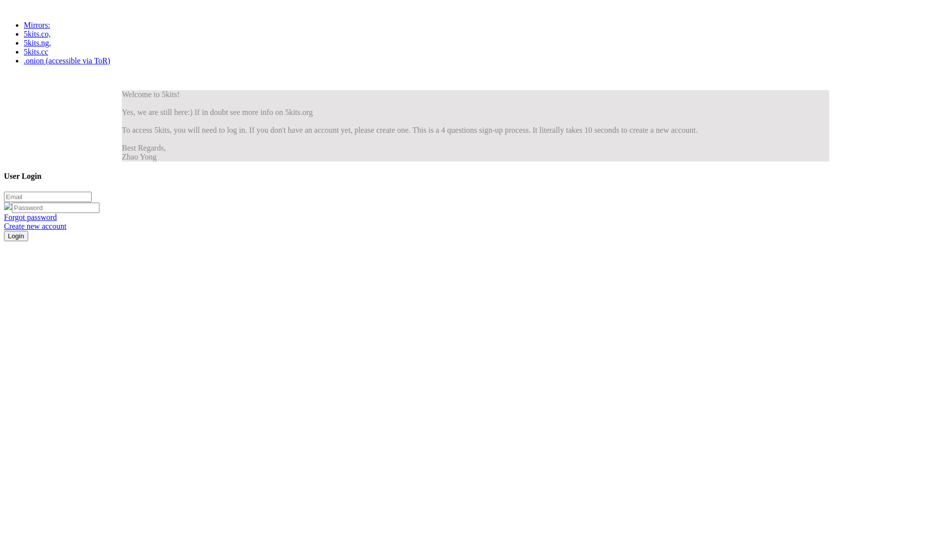 The height and width of the screenshot is (535, 951). I want to click on 'Forgot password', so click(4, 216).